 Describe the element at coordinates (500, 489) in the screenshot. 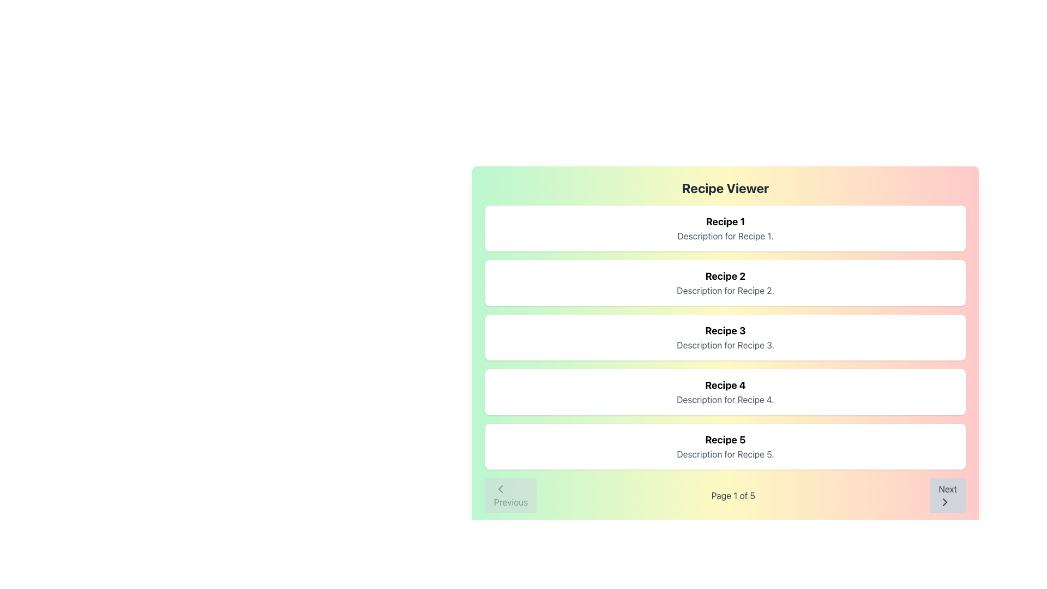

I see `the icon located within the 'Previous' button at the bottom-left corner of the page, adjacent to the 'Previous' label text` at that location.